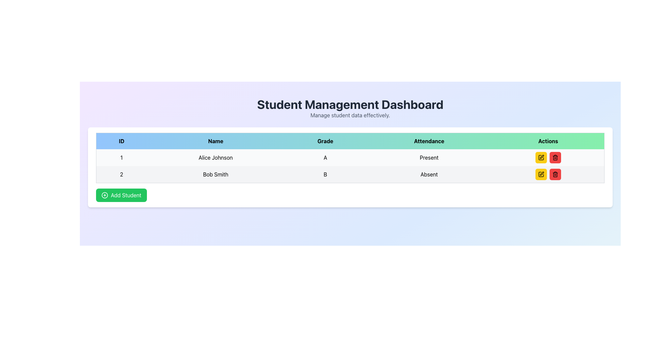 This screenshot has width=647, height=363. What do you see at coordinates (542, 173) in the screenshot?
I see `the edit icon button in the Actions column of the second row for Bob Smith to initiate the edit action` at bounding box center [542, 173].